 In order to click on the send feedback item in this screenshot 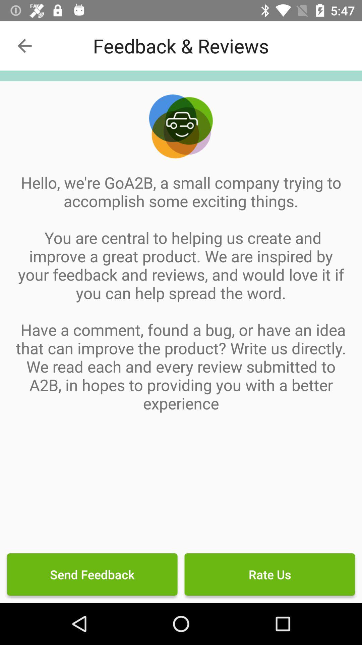, I will do `click(92, 574)`.